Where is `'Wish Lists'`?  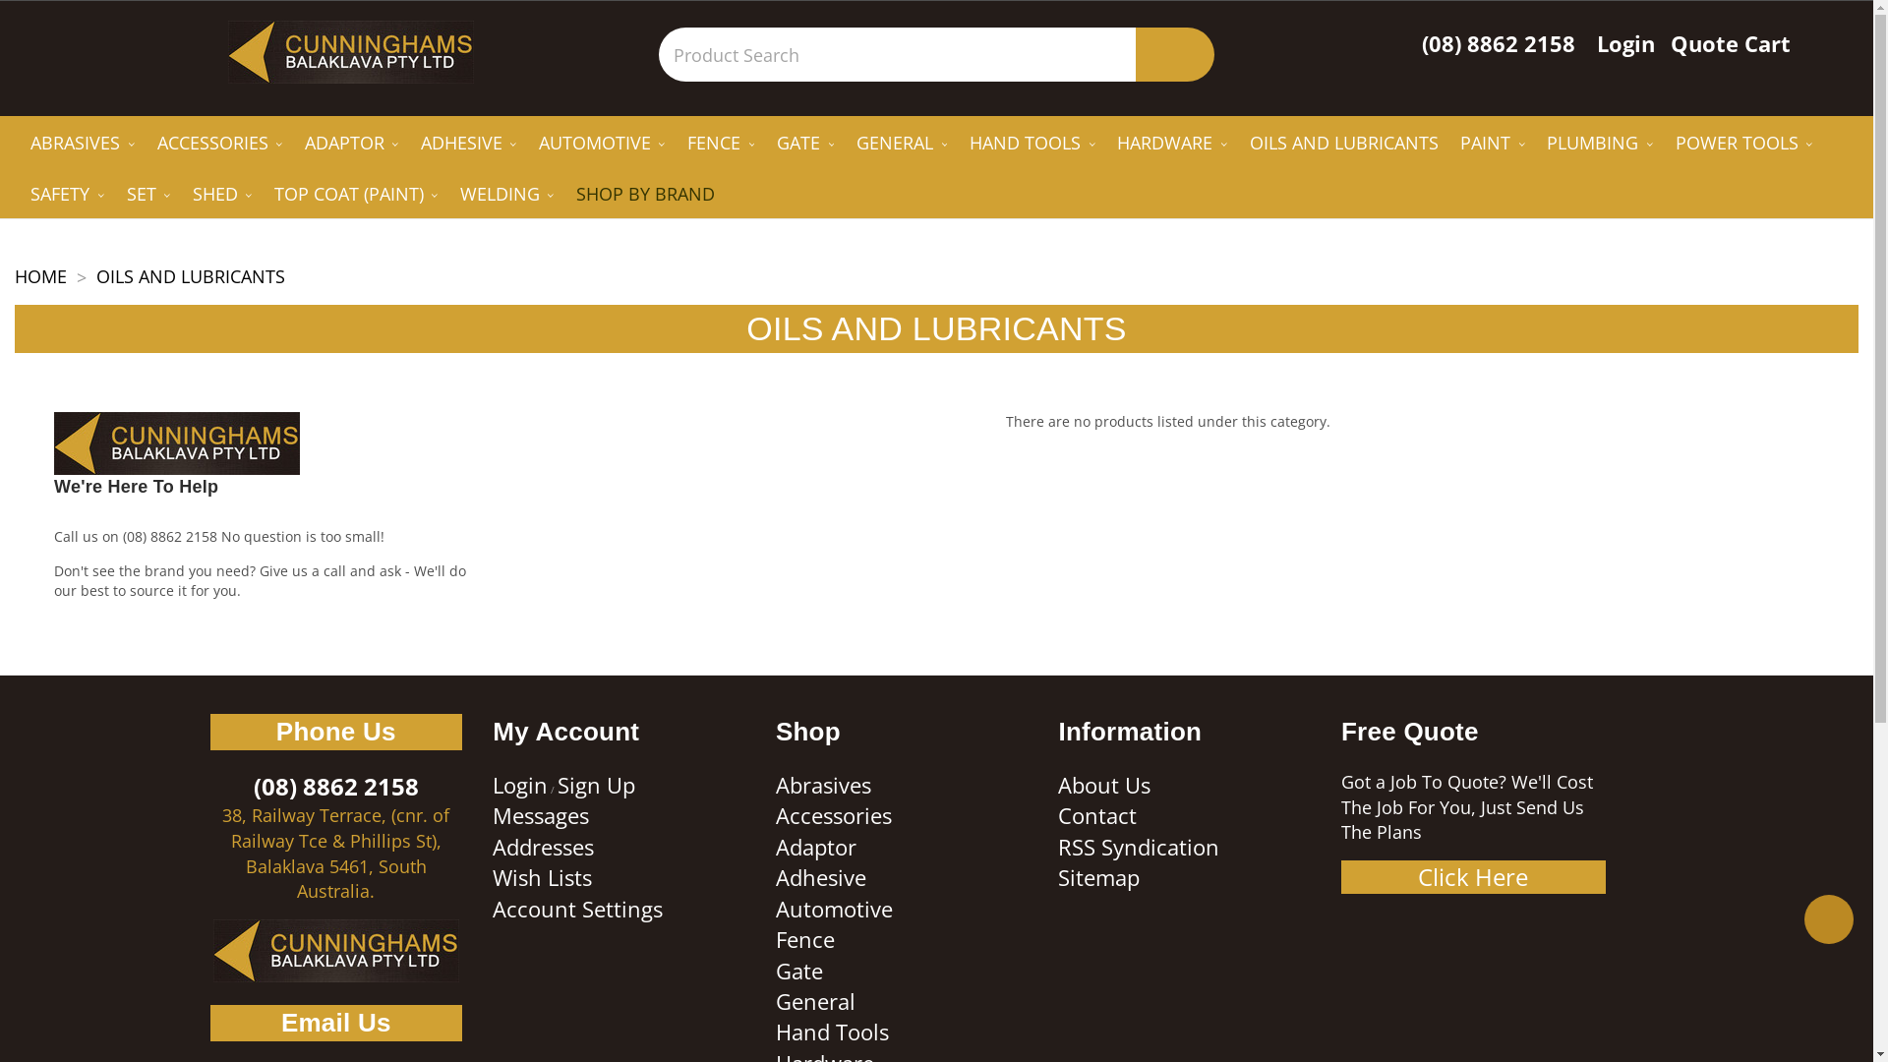 'Wish Lists' is located at coordinates (492, 875).